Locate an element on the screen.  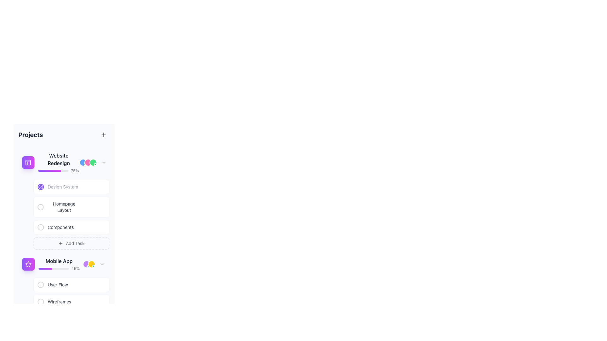
the Button with a plus-icon located at the top-right corner of the 'Projects' header to initiate adding a new item is located at coordinates (103, 135).